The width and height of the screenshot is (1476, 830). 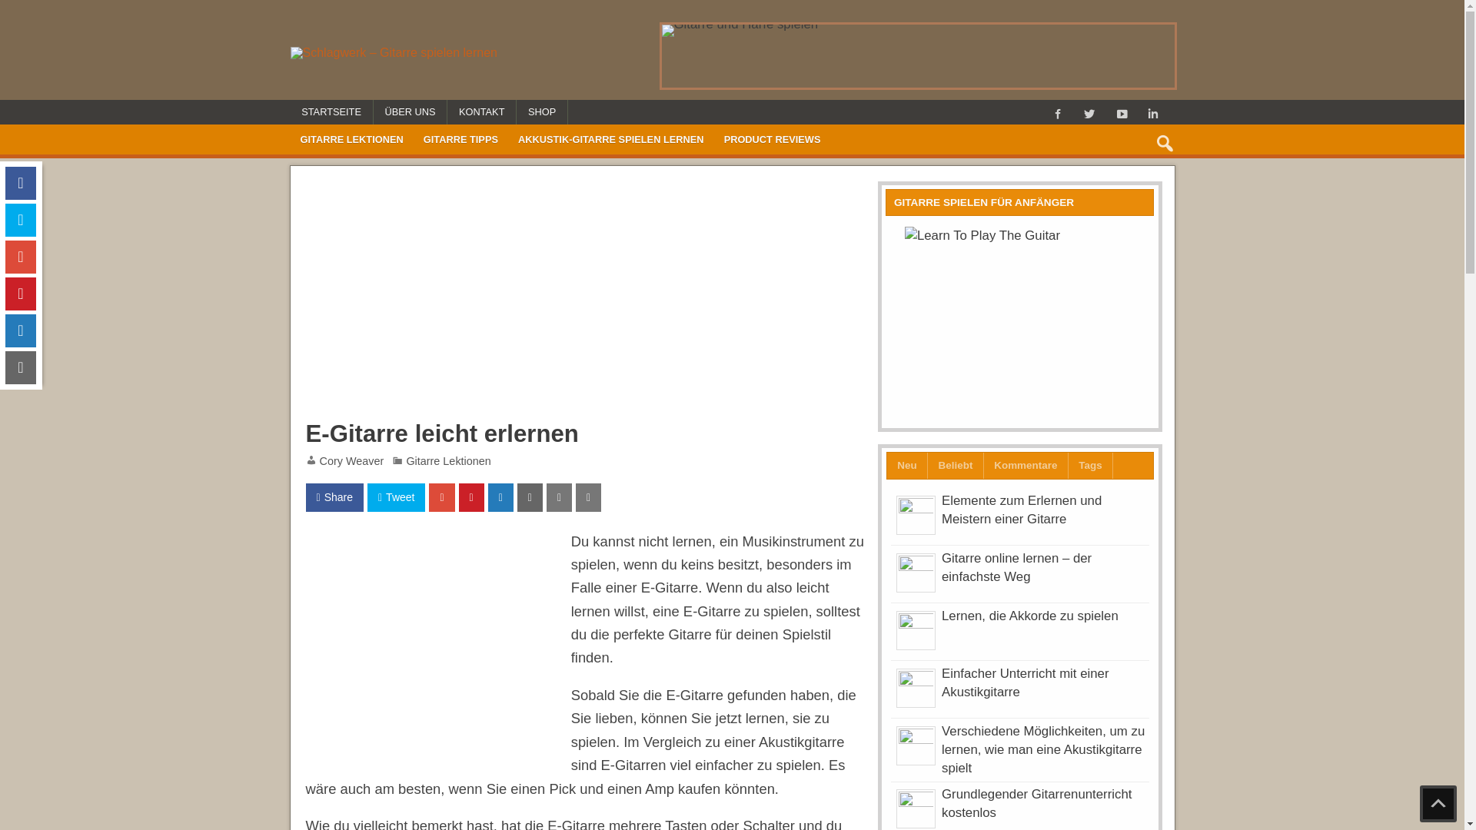 I want to click on 'Tweet', so click(x=396, y=497).